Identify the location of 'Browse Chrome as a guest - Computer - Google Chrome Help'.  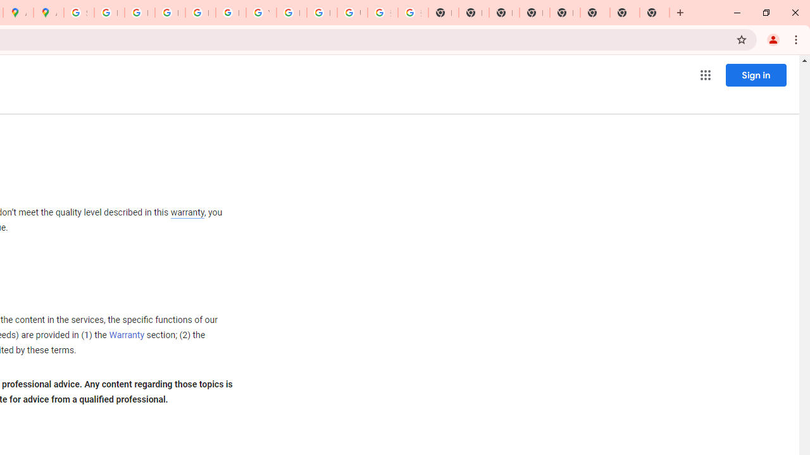
(290, 13).